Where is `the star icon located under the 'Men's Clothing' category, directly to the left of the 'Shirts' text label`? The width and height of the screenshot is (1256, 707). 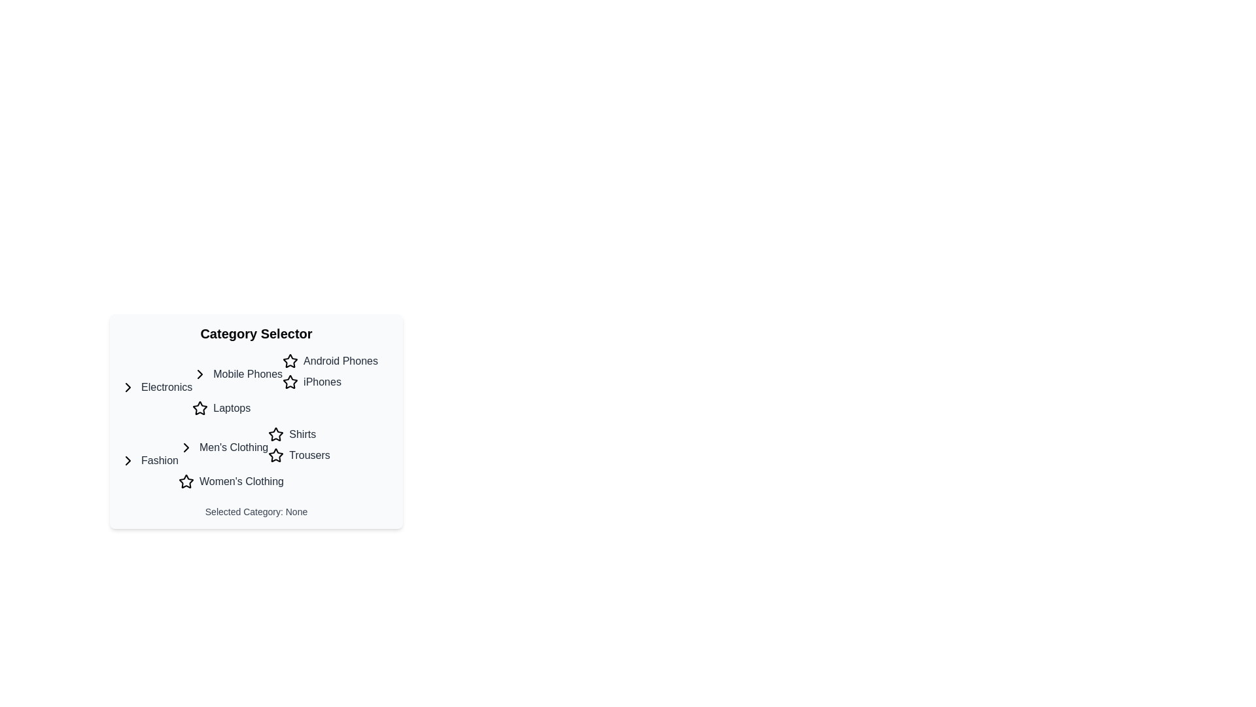 the star icon located under the 'Men's Clothing' category, directly to the left of the 'Shirts' text label is located at coordinates (275, 434).